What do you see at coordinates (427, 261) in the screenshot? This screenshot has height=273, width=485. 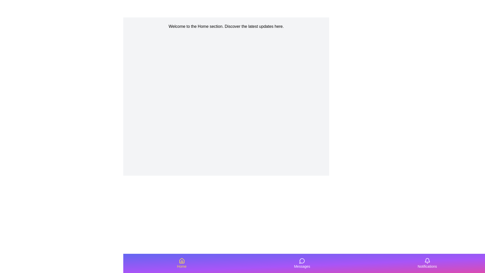 I see `the minimalist bell-shaped notification icon` at bounding box center [427, 261].